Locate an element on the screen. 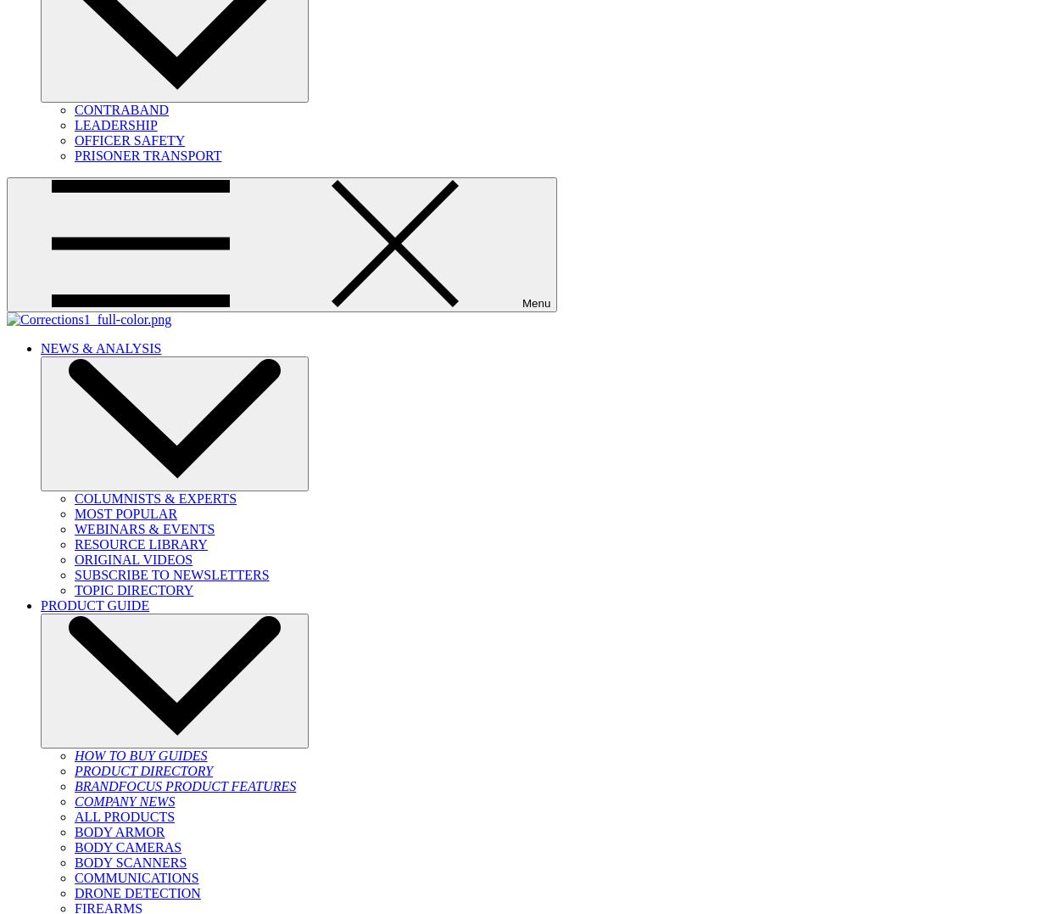 Image resolution: width=1060 pixels, height=914 pixels. 'ALL PRODUCTS' is located at coordinates (74, 816).